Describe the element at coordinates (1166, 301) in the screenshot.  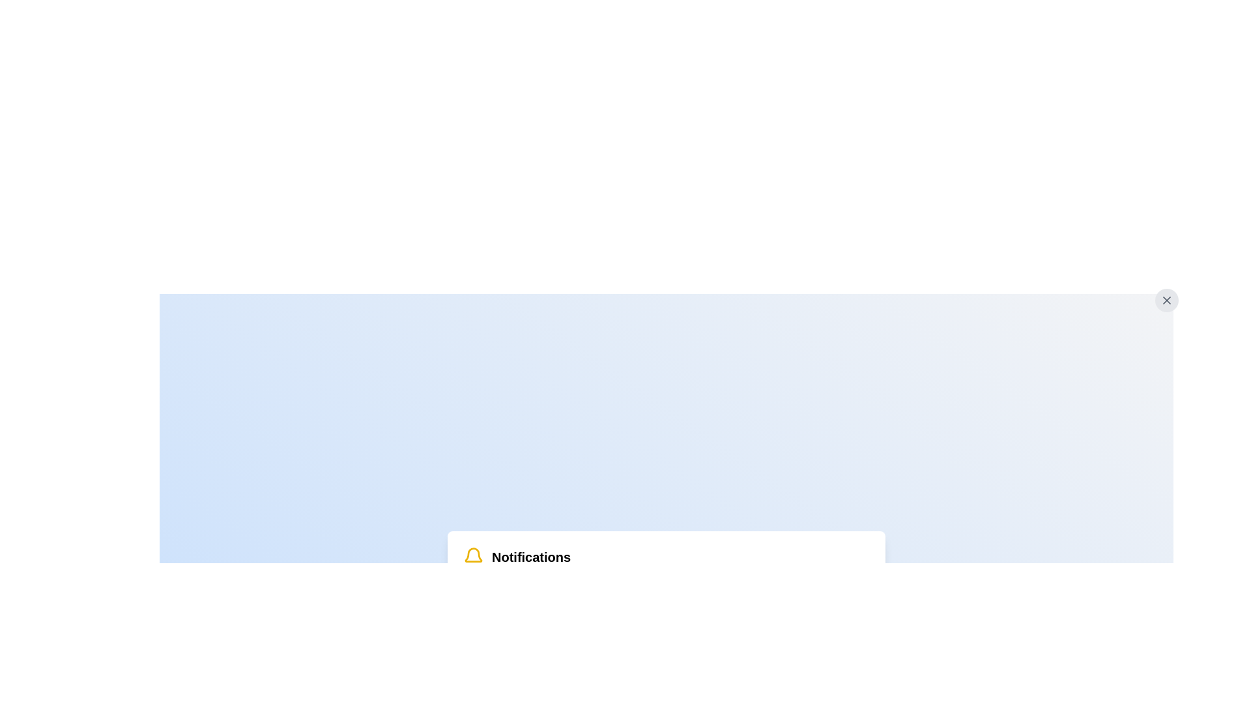
I see `the close button located at the top-right corner of the notification box` at that location.